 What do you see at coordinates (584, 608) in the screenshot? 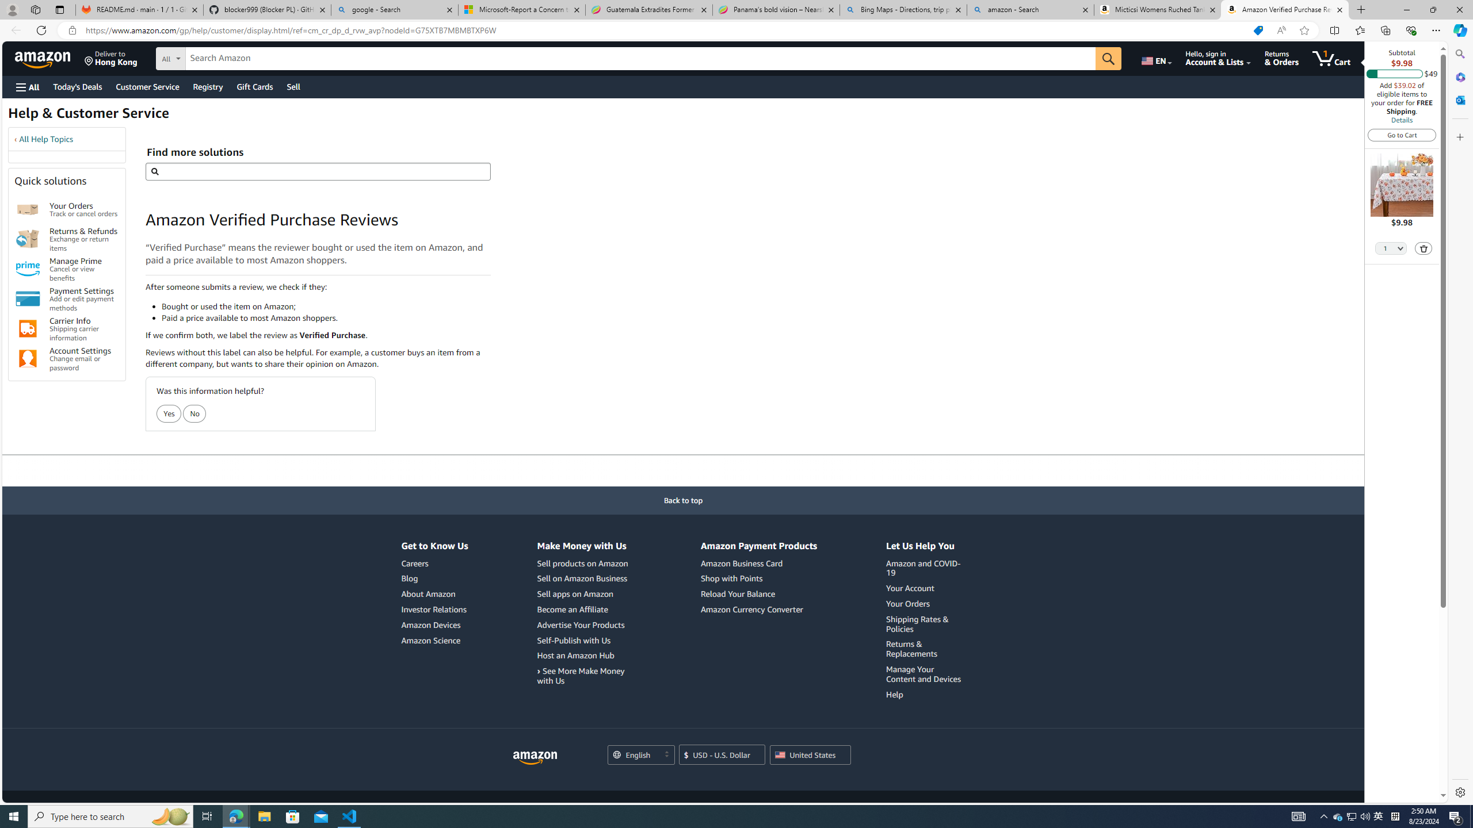
I see `'Become an Affiliate'` at bounding box center [584, 608].